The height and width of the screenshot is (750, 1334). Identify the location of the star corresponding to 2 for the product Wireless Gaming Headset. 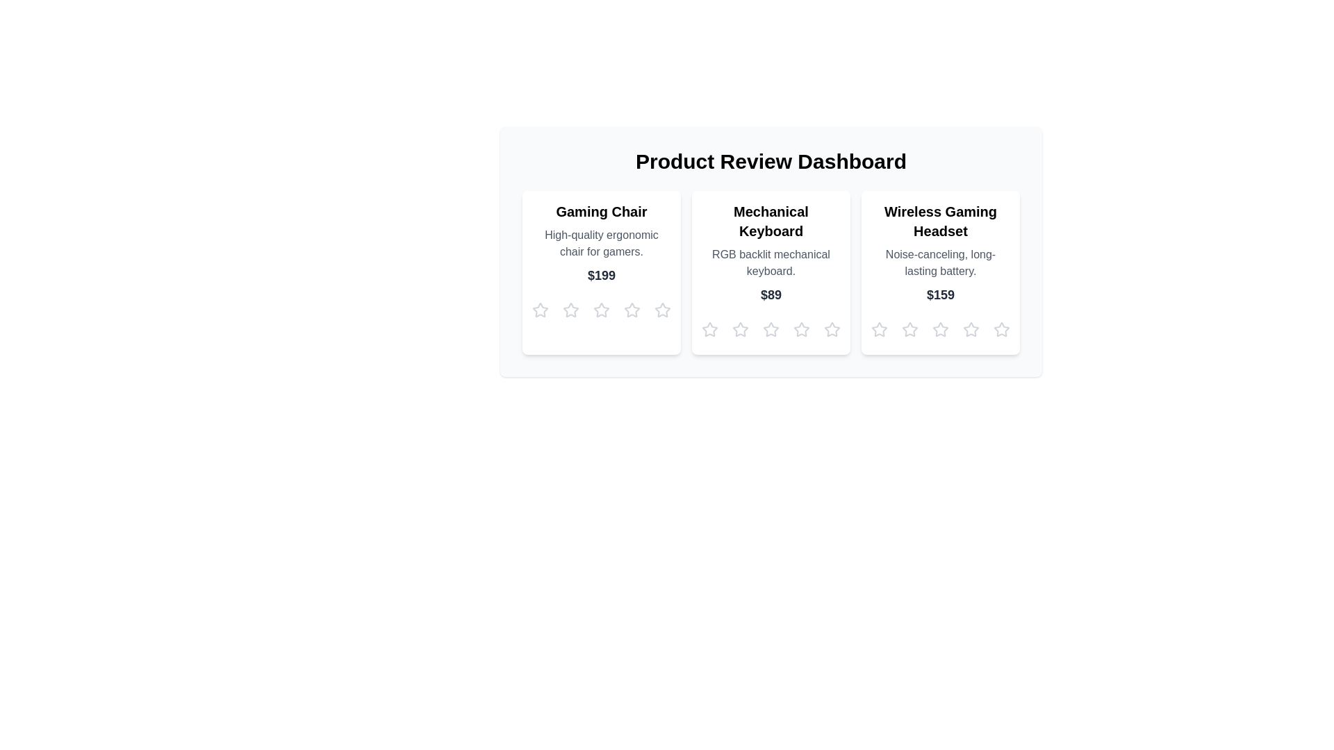
(910, 329).